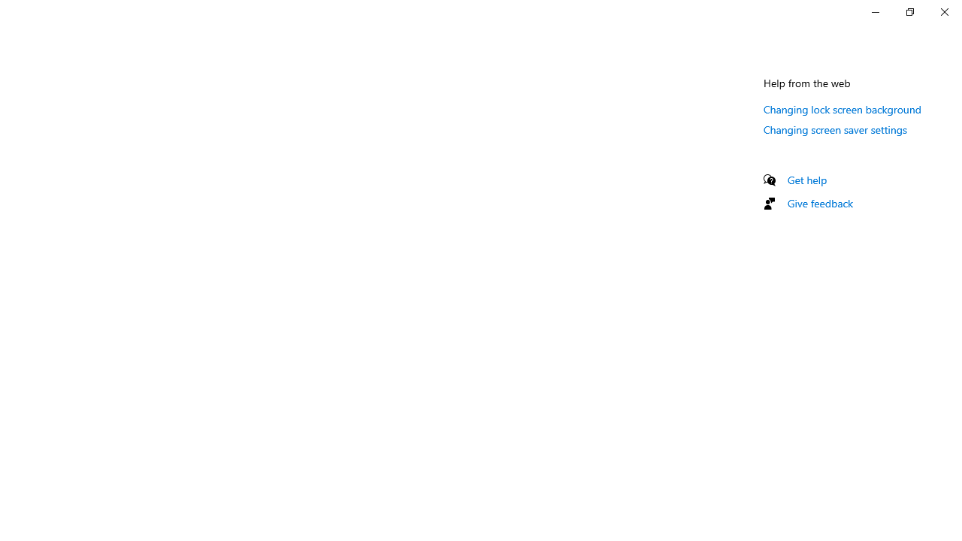  What do you see at coordinates (843, 108) in the screenshot?
I see `'Changing lock screen background'` at bounding box center [843, 108].